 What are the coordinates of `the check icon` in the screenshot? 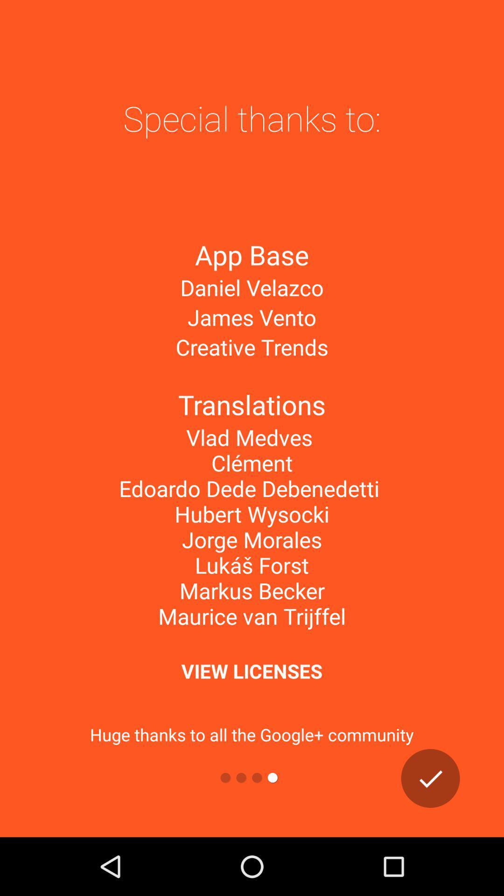 It's located at (430, 778).